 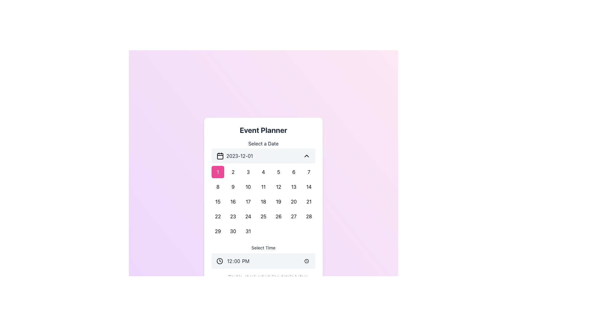 I want to click on the button labeled '12' in the second row and sixth column of the calendar interface, so click(x=278, y=186).